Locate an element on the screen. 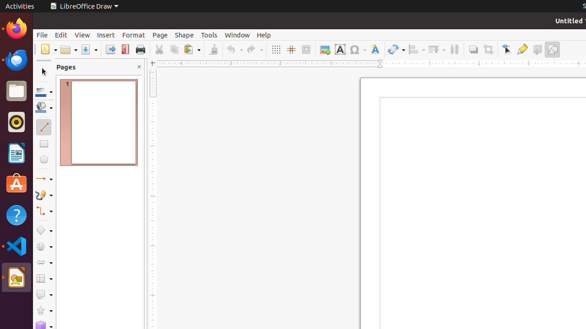  'Copy' is located at coordinates (174, 49).